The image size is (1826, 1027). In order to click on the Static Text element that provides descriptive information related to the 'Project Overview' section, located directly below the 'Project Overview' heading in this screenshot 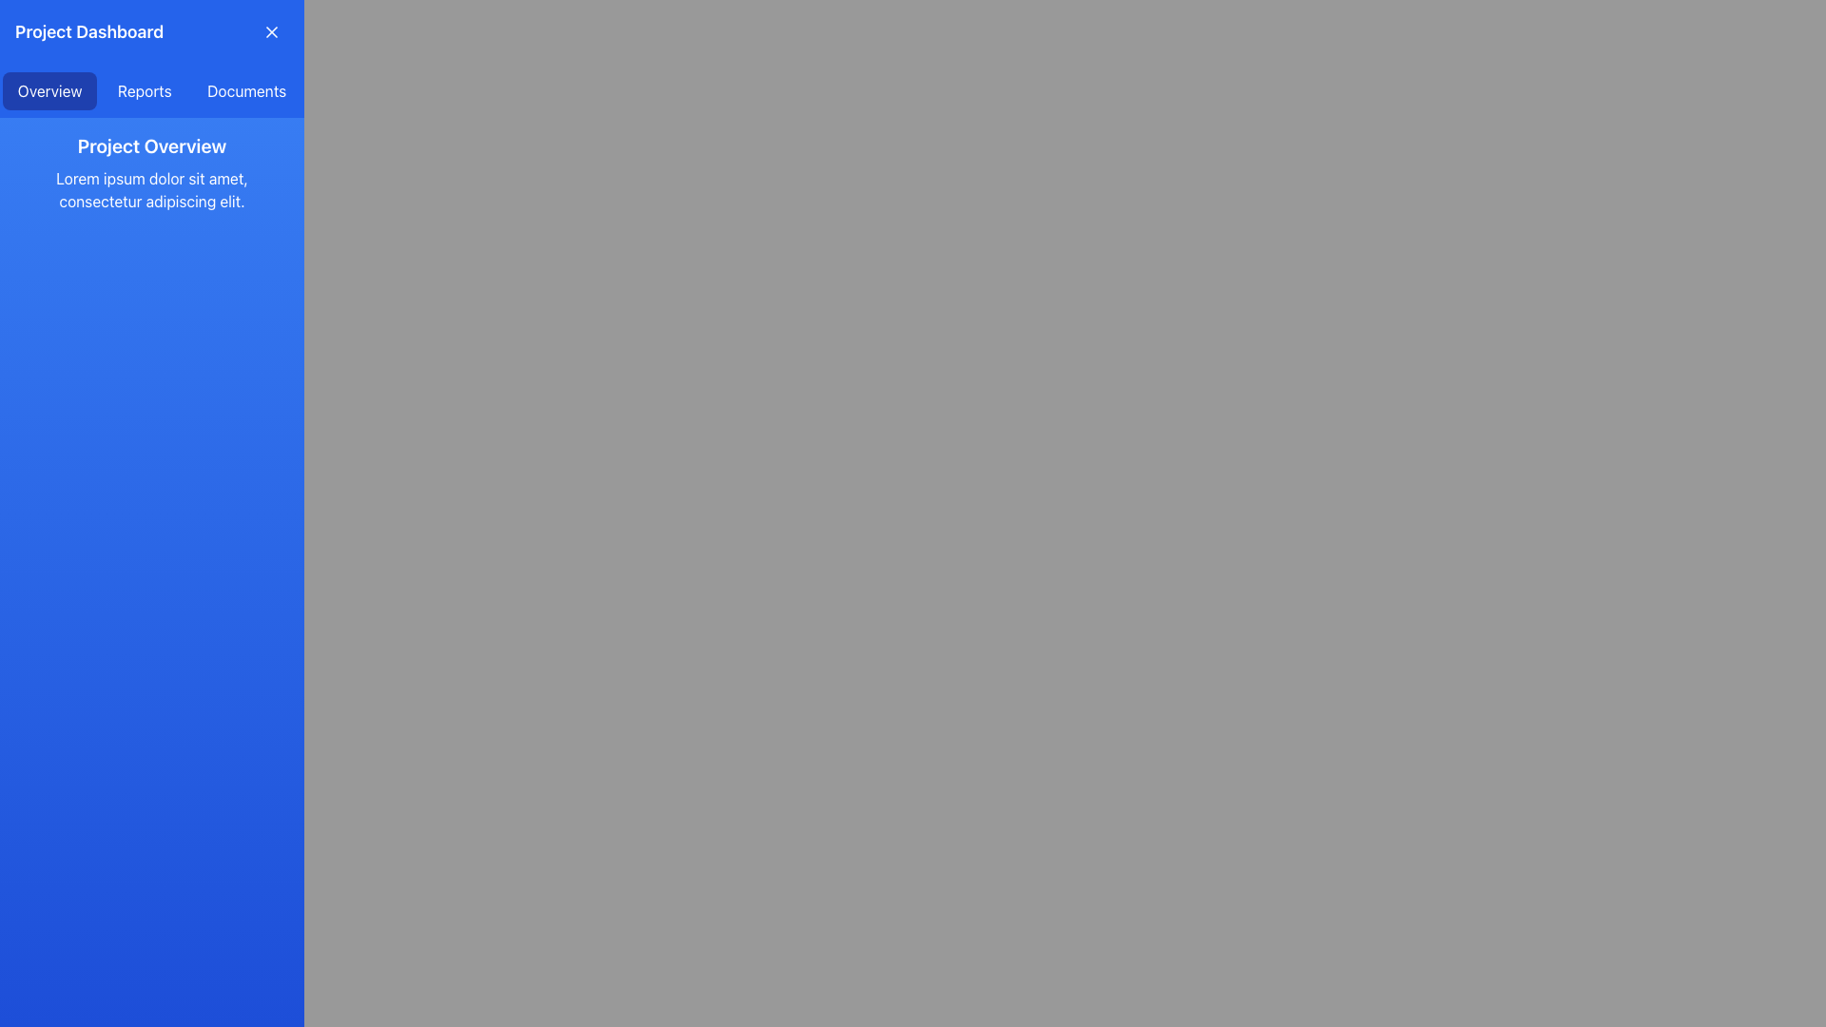, I will do `click(150, 190)`.